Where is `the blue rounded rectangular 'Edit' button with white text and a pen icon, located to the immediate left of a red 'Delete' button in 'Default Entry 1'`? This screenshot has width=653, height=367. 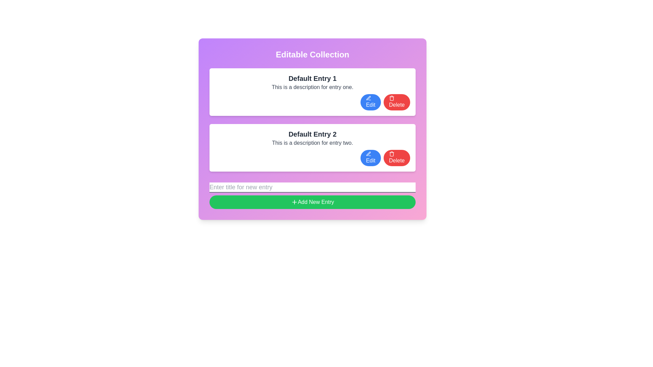
the blue rounded rectangular 'Edit' button with white text and a pen icon, located to the immediate left of a red 'Delete' button in 'Default Entry 1' is located at coordinates (370, 102).